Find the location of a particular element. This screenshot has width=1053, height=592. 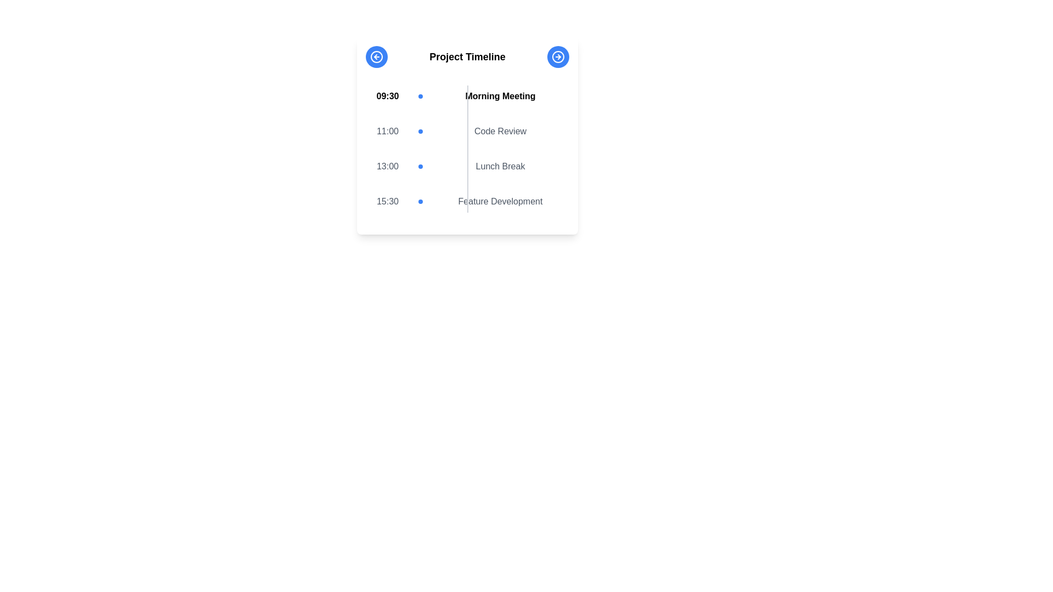

the List item in the schedule view that displays the time '15:30', a blue circular marker, and the text 'Feature Development' is located at coordinates (467, 201).